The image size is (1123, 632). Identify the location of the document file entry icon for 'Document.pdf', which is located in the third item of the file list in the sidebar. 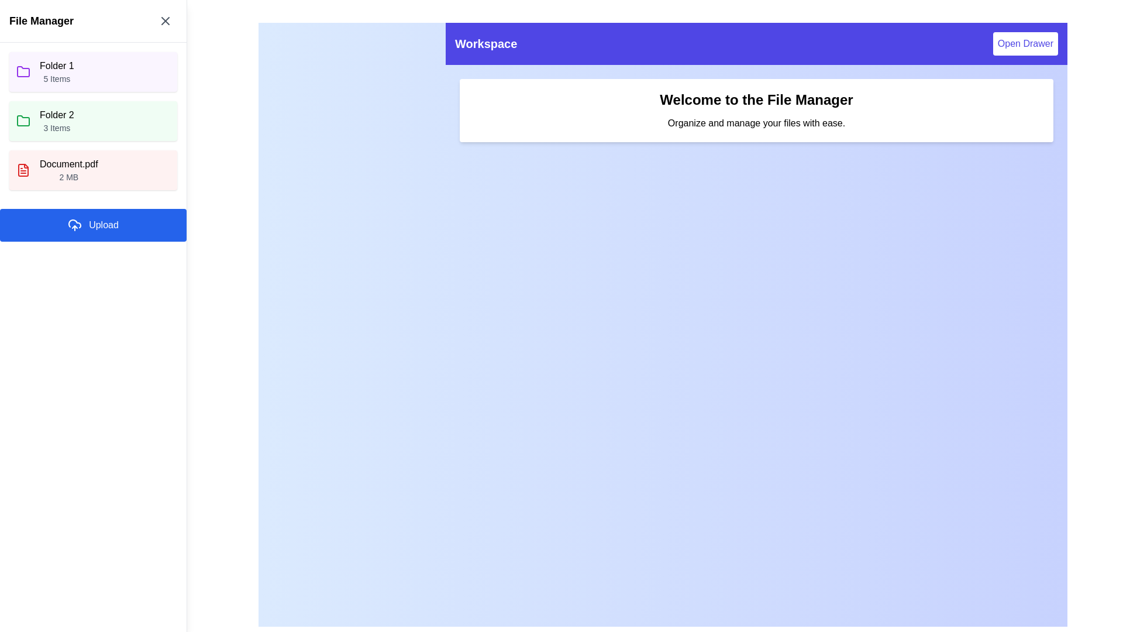
(23, 170).